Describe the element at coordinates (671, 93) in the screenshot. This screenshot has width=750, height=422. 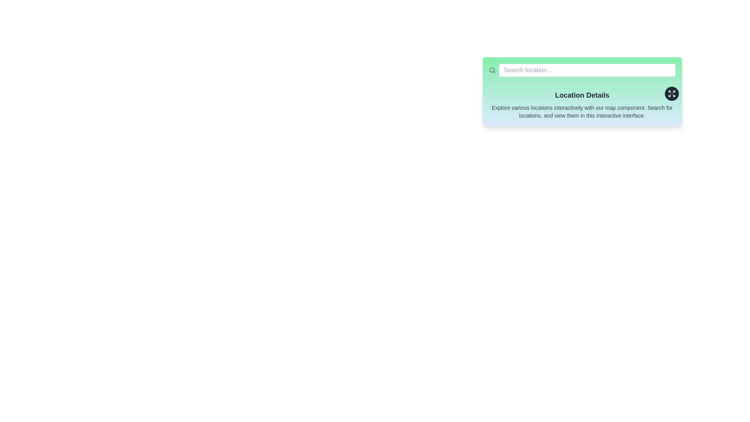
I see `the expand button located at the top-right corner inside the content card to enlarge the content` at that location.